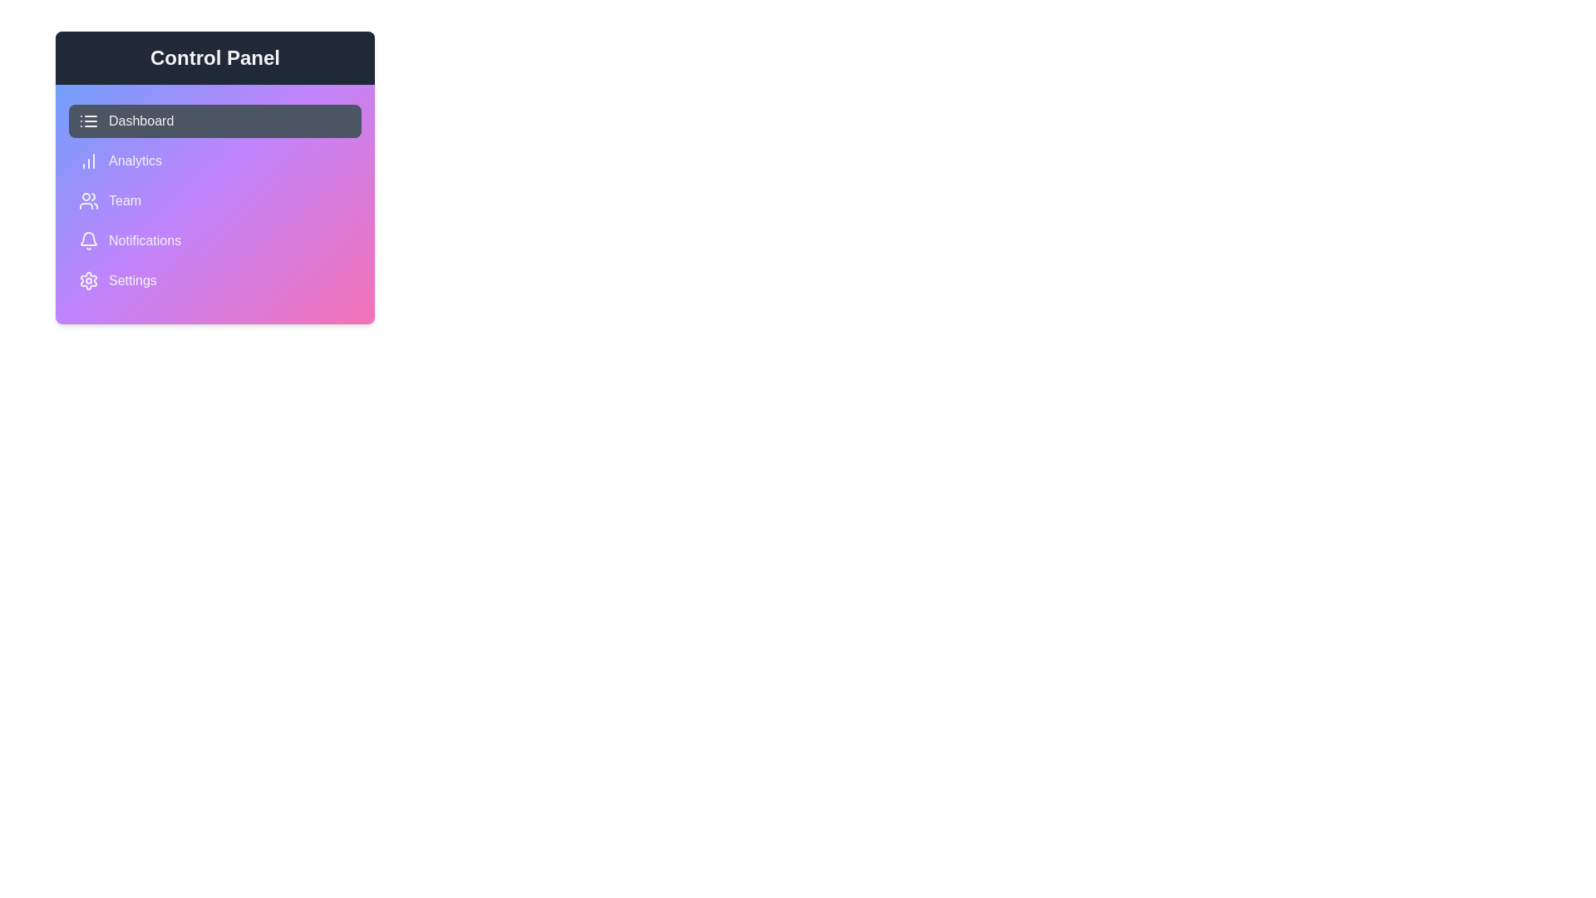  What do you see at coordinates (87, 121) in the screenshot?
I see `the compact icon resembling a list or menu, consisting of three horizontal lines of equal width, located at the far-left side of the 'Dashboard' section in the control panel menu` at bounding box center [87, 121].